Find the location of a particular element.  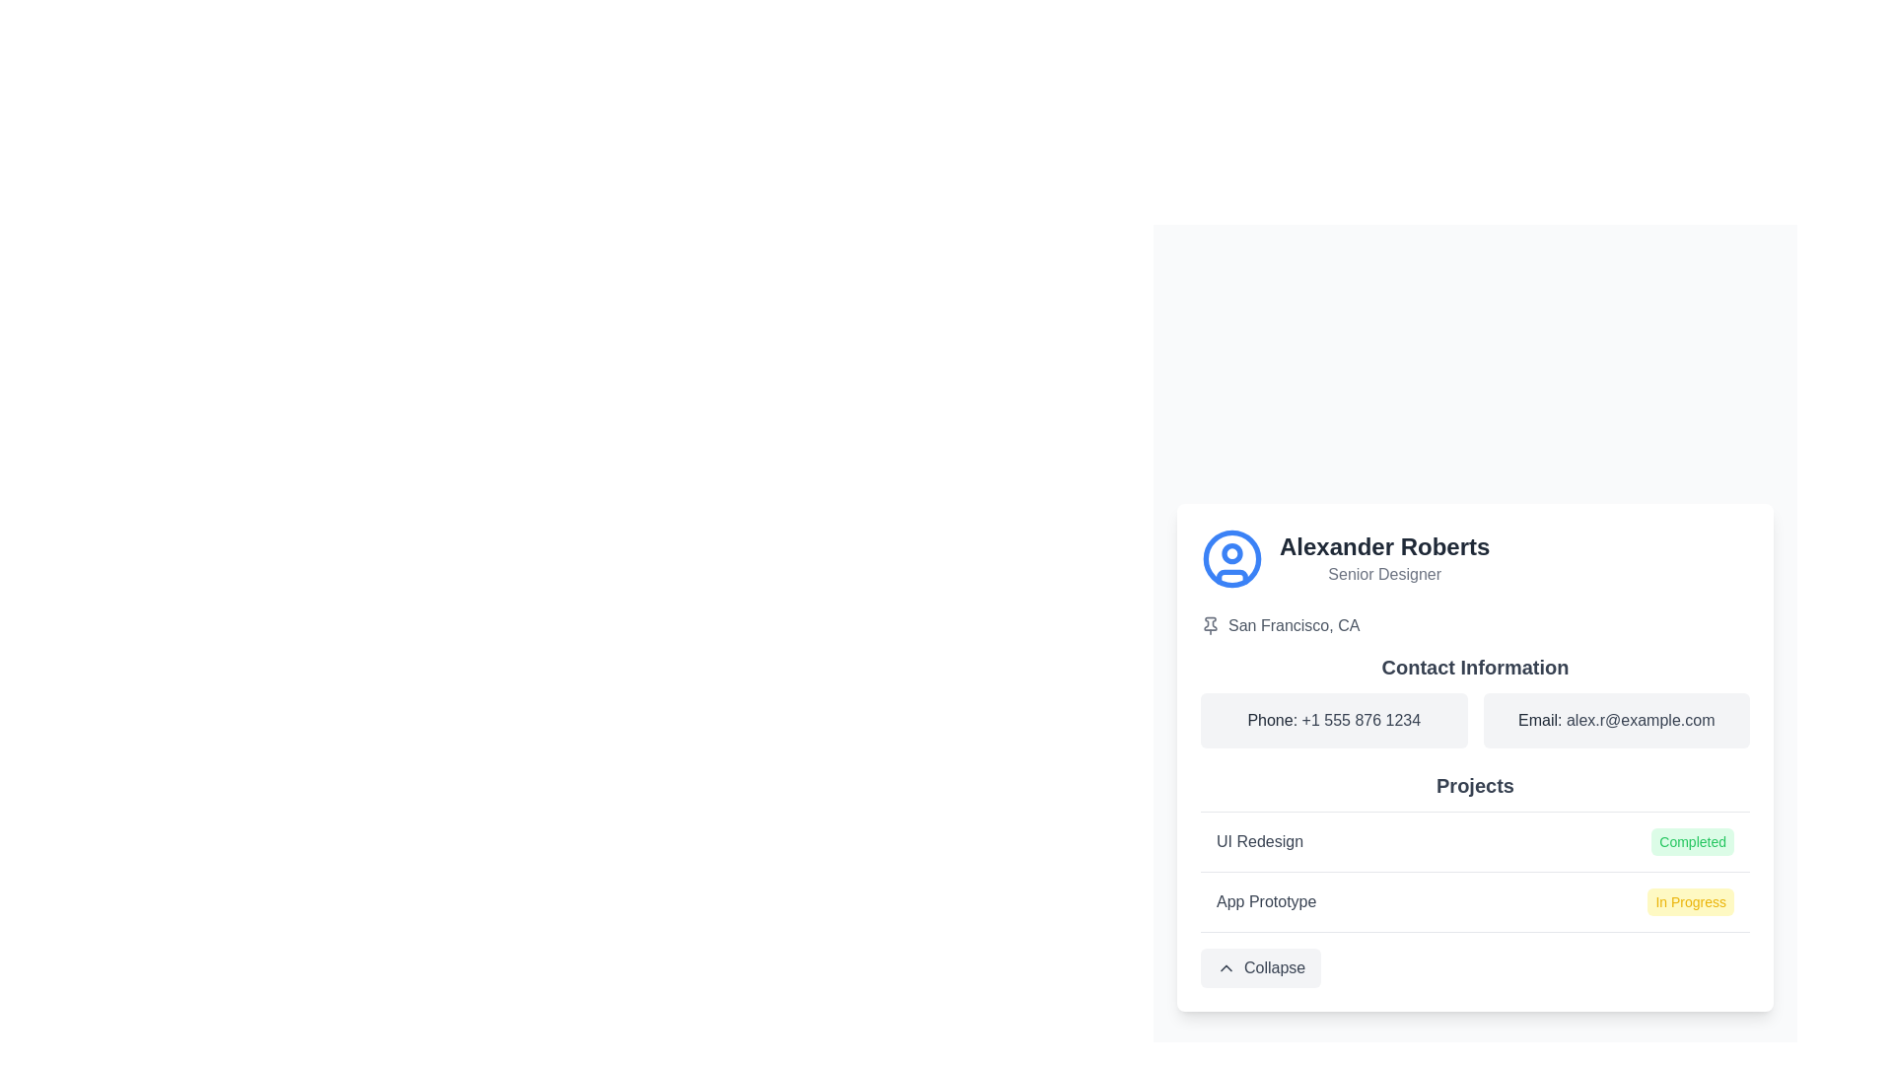

the 'Phone:' text label, which is styled with medium font weight and gray color, located to the left of the phone number within the contact information section is located at coordinates (1274, 719).